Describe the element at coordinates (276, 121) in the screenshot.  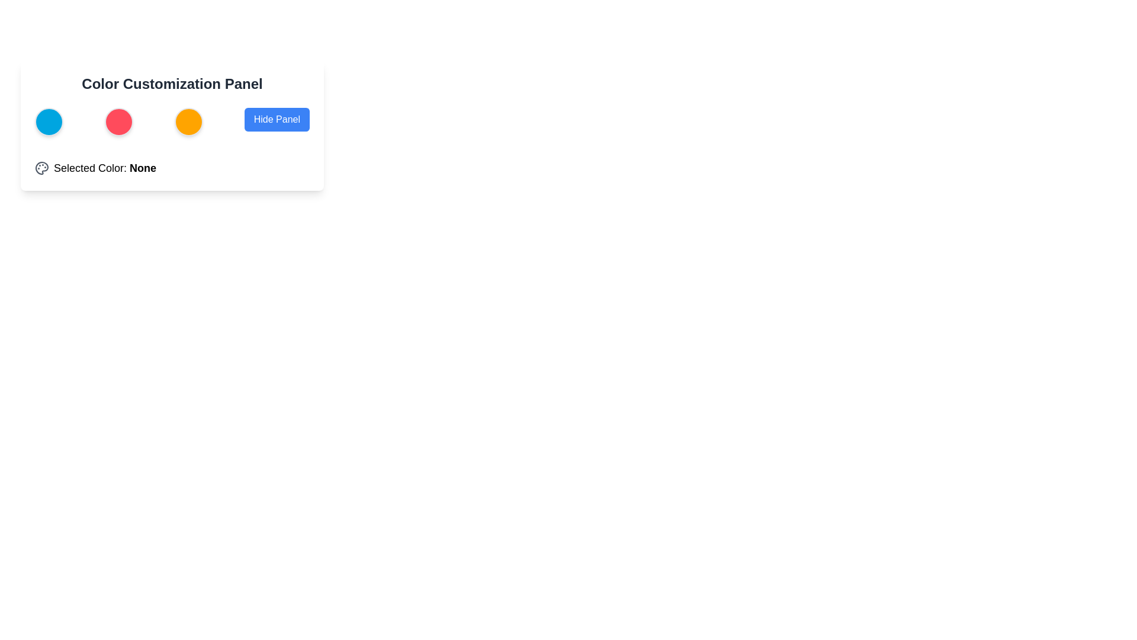
I see `the 'Hide Panel' button` at that location.